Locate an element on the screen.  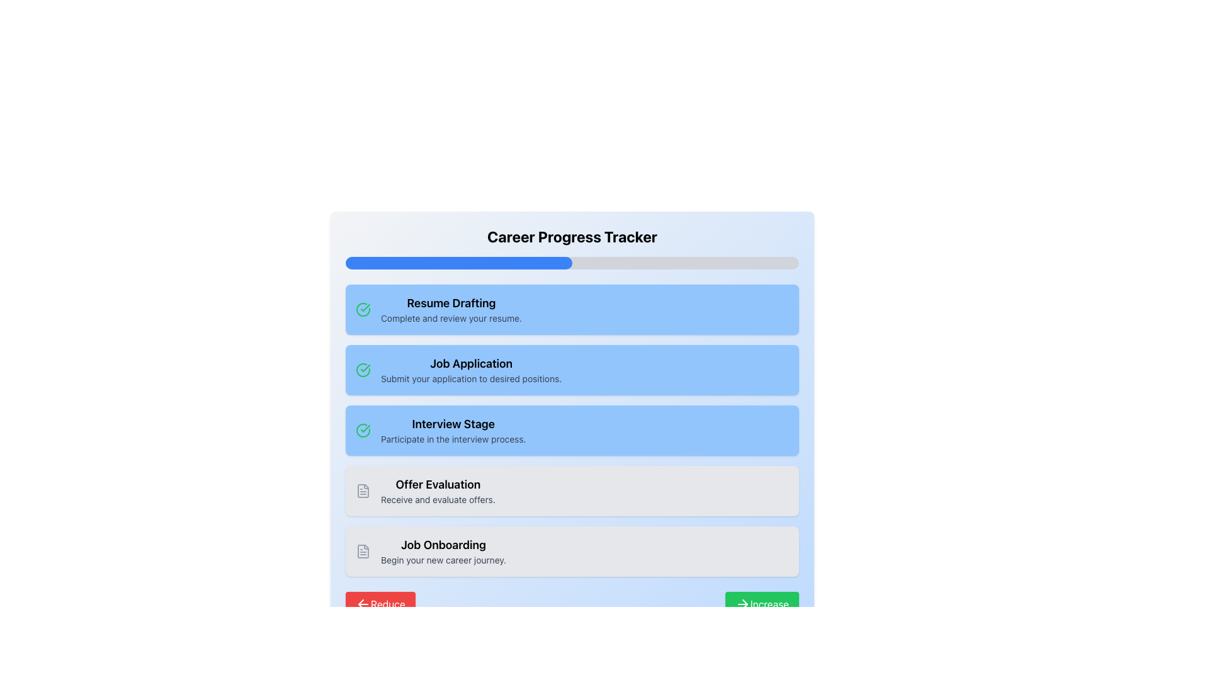
the 'Interview Stage' text block is located at coordinates (453, 429).